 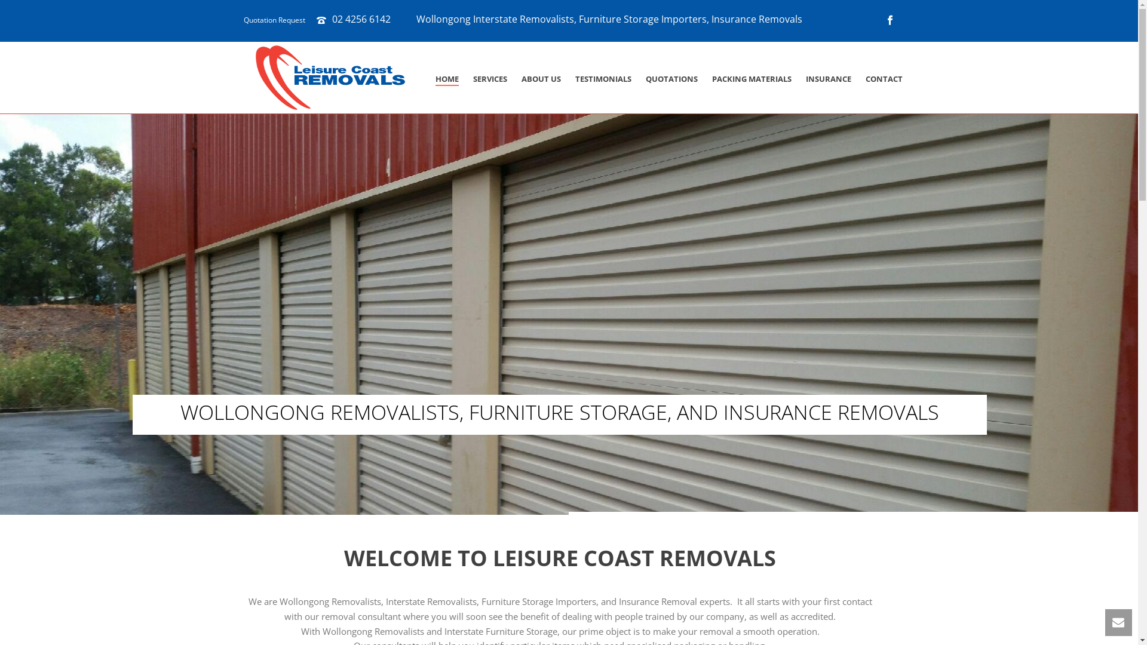 I want to click on 'SERVICES', so click(x=490, y=78).